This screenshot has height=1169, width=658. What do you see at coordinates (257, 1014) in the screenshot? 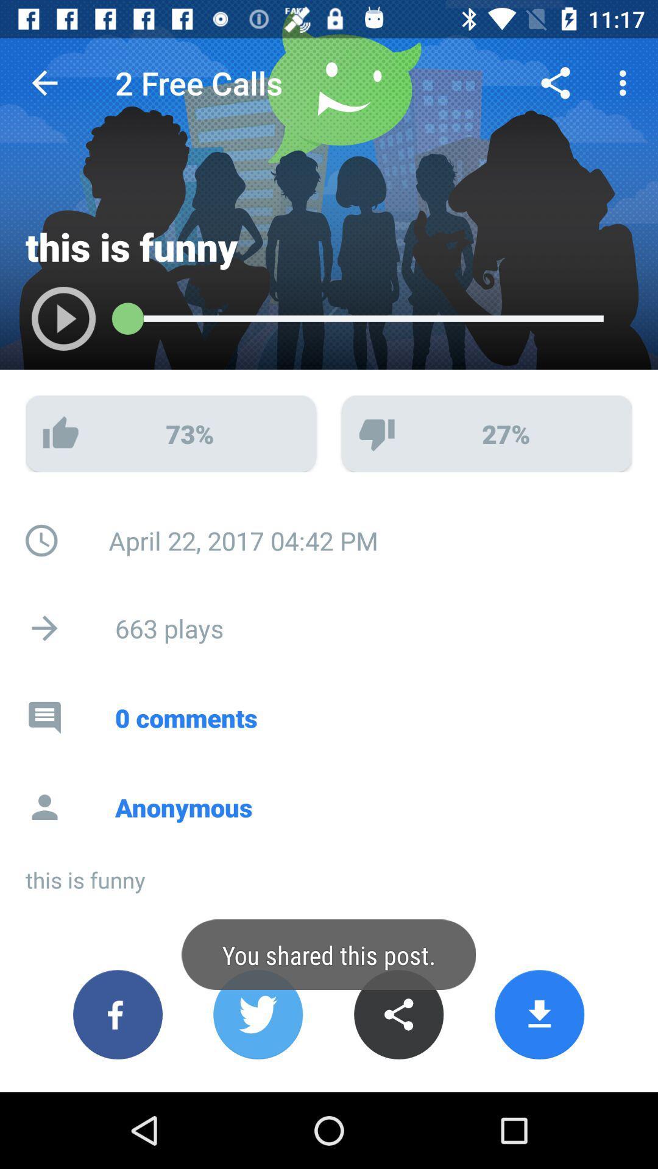
I see `twitter option` at bounding box center [257, 1014].